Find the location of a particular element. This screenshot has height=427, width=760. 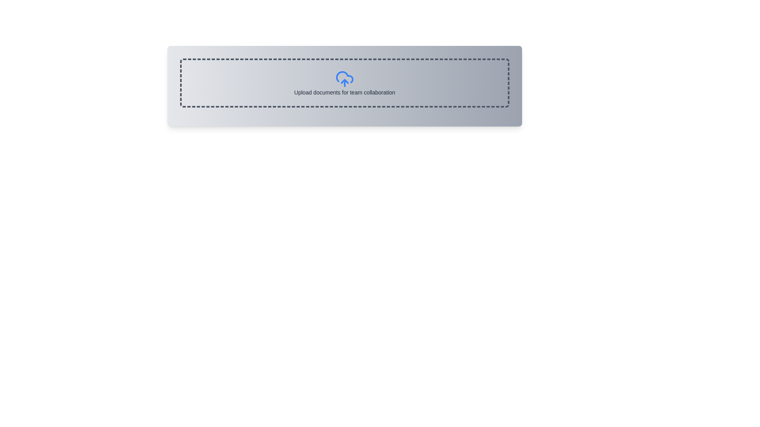

the upward arrow component of the upload icon located within the cloud icon to trigger further actions is located at coordinates (344, 81).